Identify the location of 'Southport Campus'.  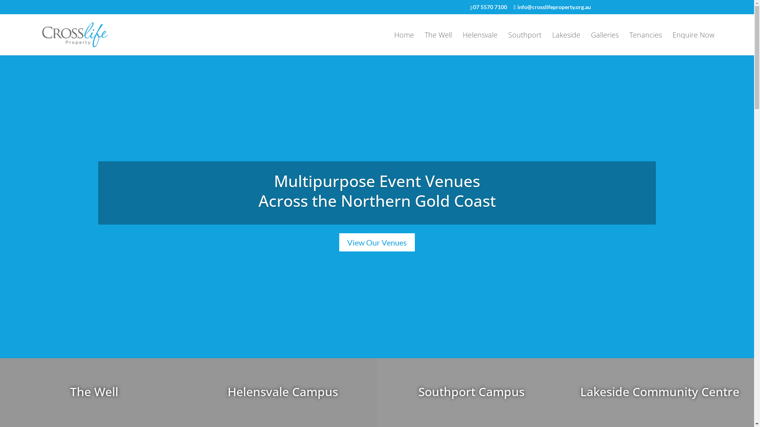
(471, 391).